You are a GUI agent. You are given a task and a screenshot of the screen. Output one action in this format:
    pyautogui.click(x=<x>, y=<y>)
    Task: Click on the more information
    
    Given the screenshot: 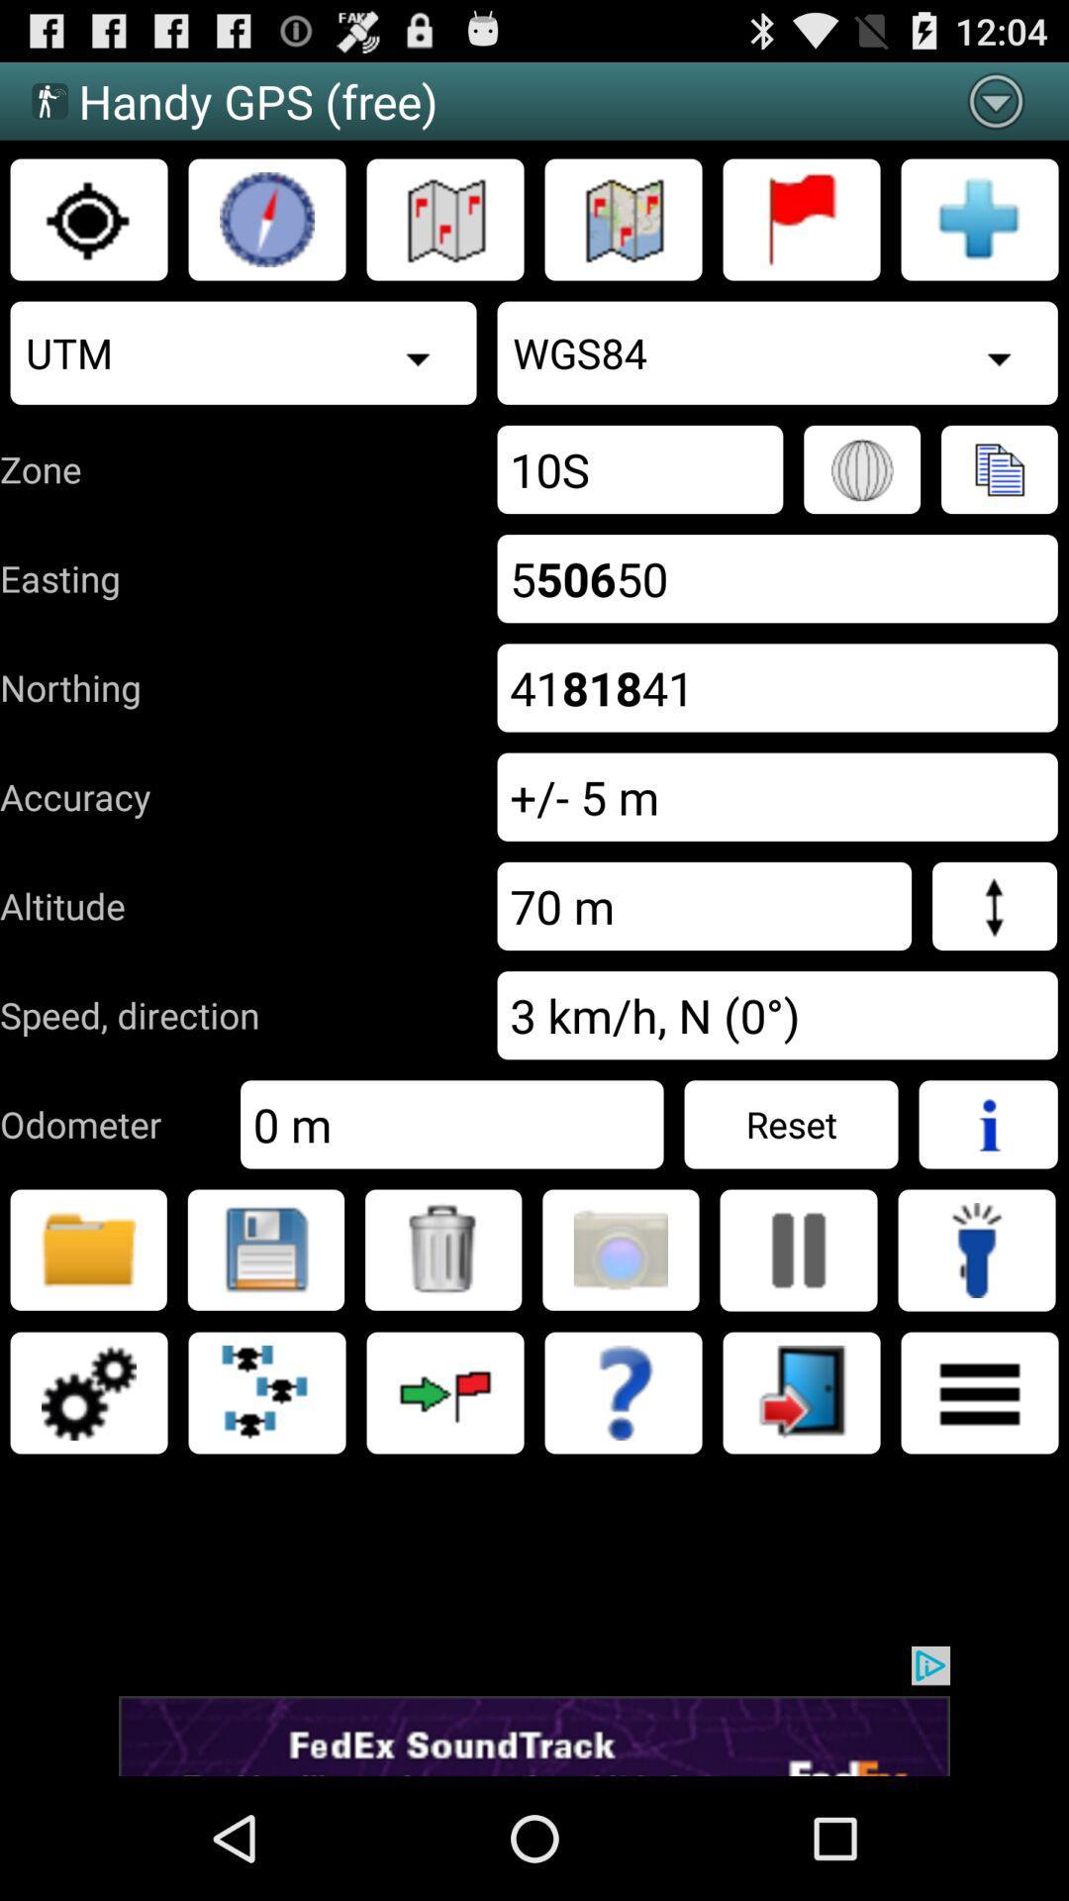 What is the action you would take?
    pyautogui.click(x=988, y=1124)
    